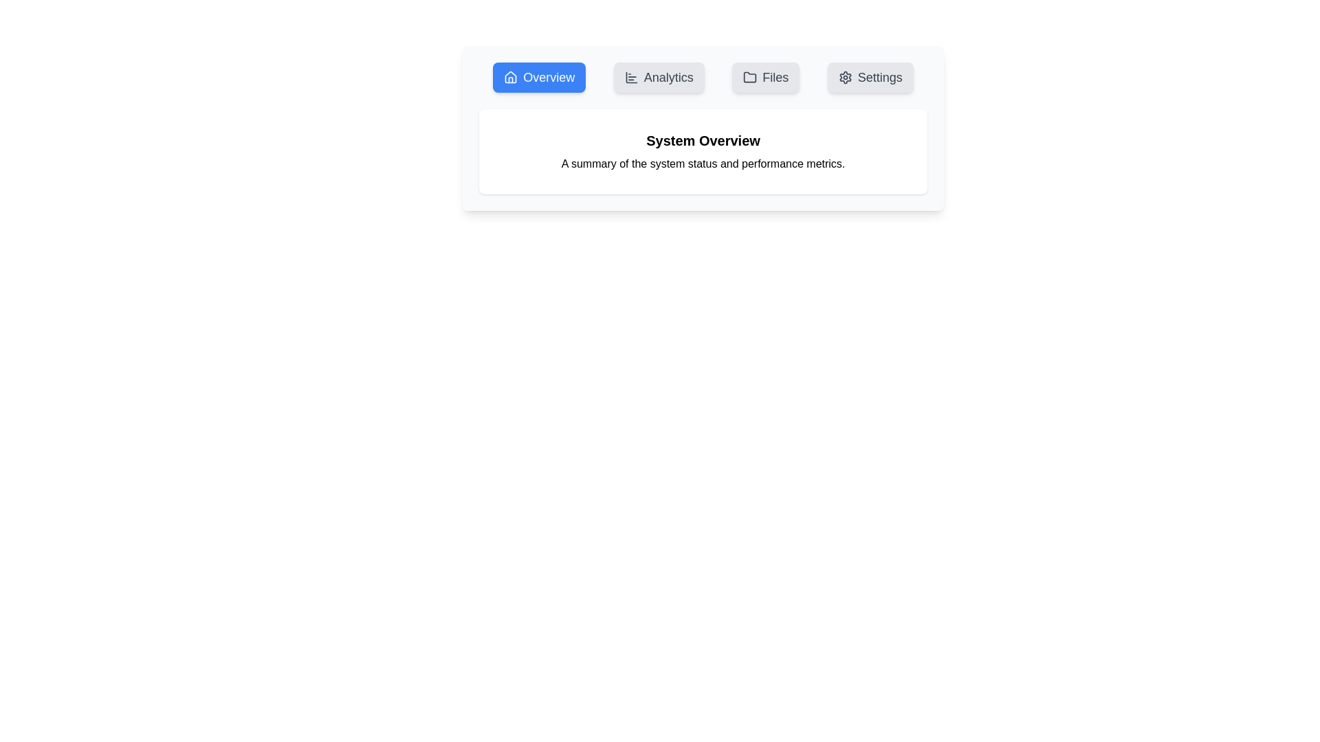 This screenshot has height=742, width=1320. Describe the element at coordinates (765, 77) in the screenshot. I see `the 'Files' button in the navigation bar` at that location.